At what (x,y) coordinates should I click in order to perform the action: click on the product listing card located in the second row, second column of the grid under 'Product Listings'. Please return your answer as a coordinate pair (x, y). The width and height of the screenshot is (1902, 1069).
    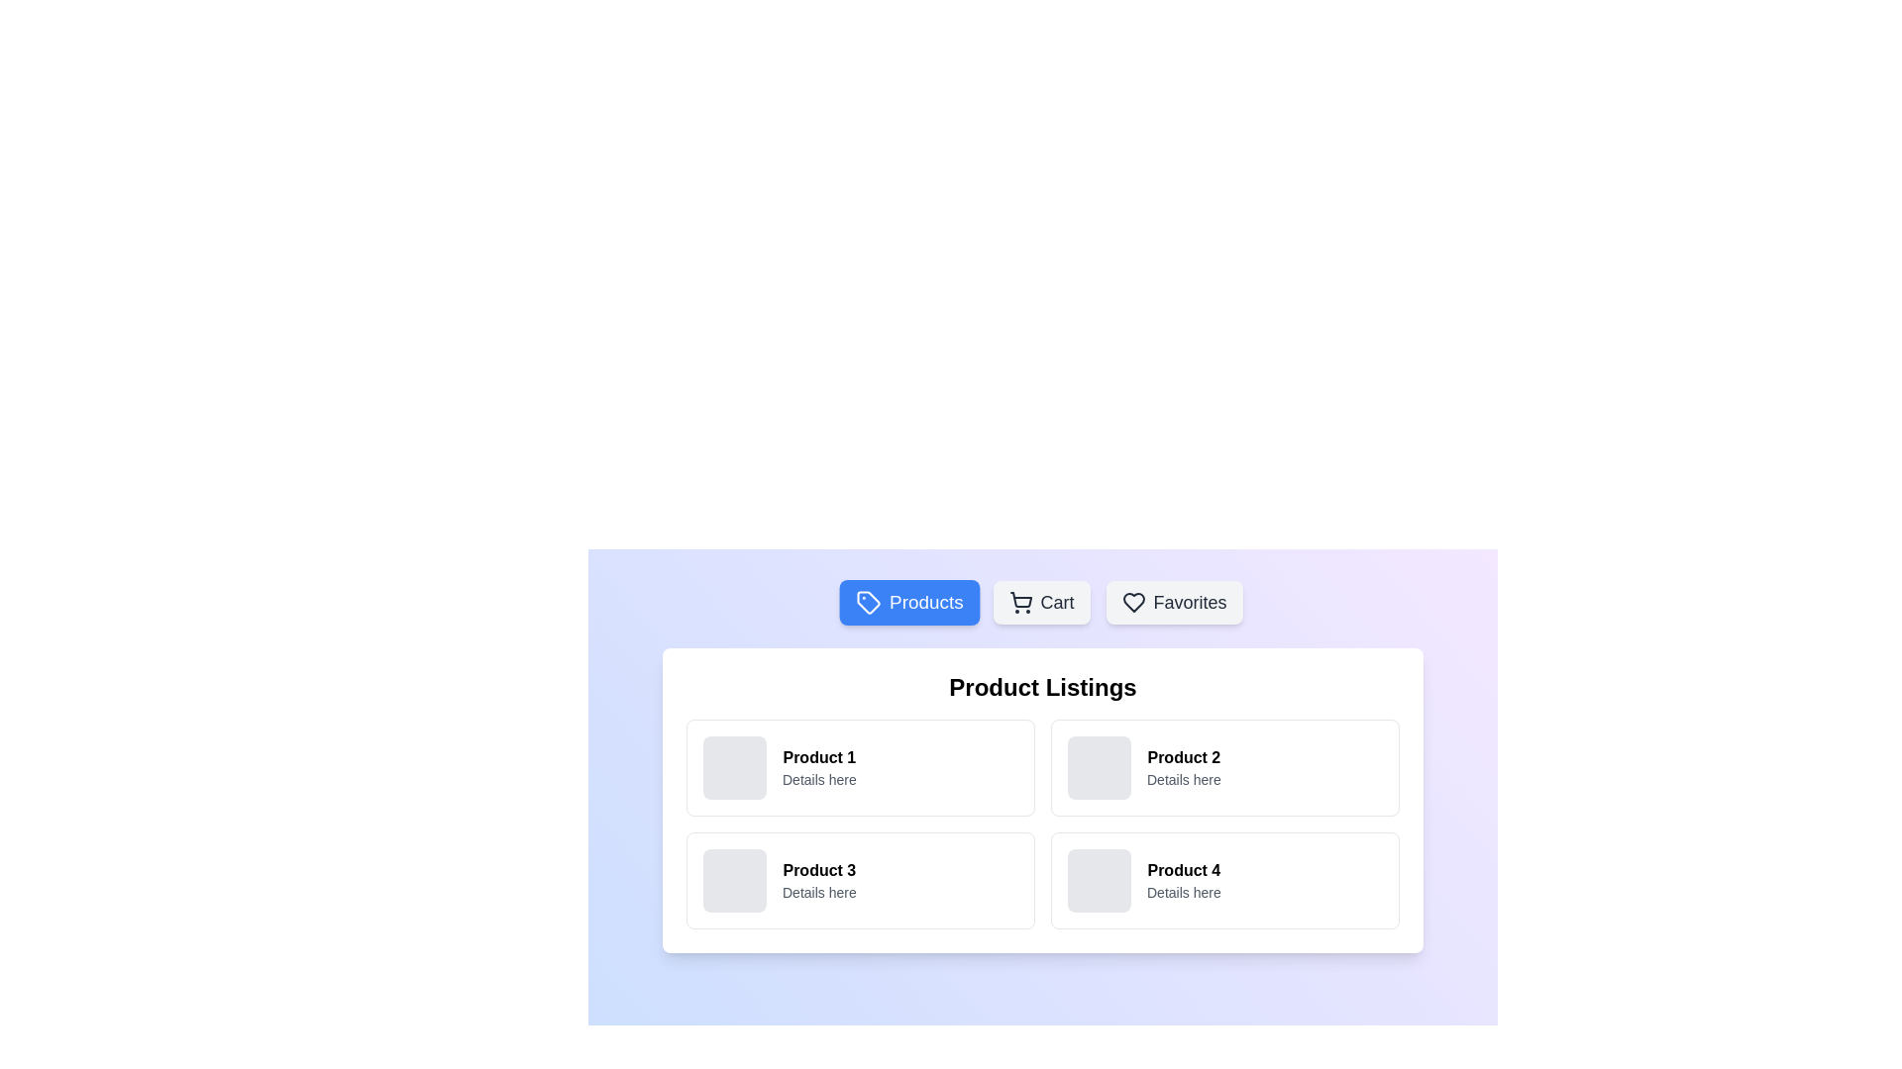
    Looking at the image, I should click on (1224, 880).